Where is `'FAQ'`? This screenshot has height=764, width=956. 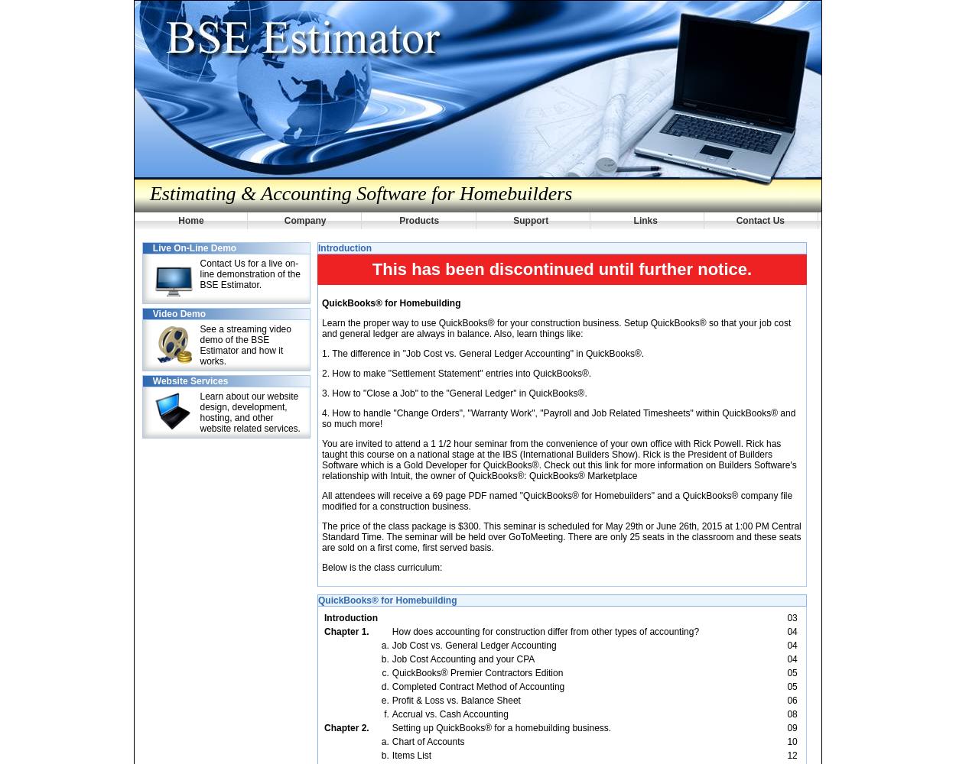
'FAQ' is located at coordinates (193, 44).